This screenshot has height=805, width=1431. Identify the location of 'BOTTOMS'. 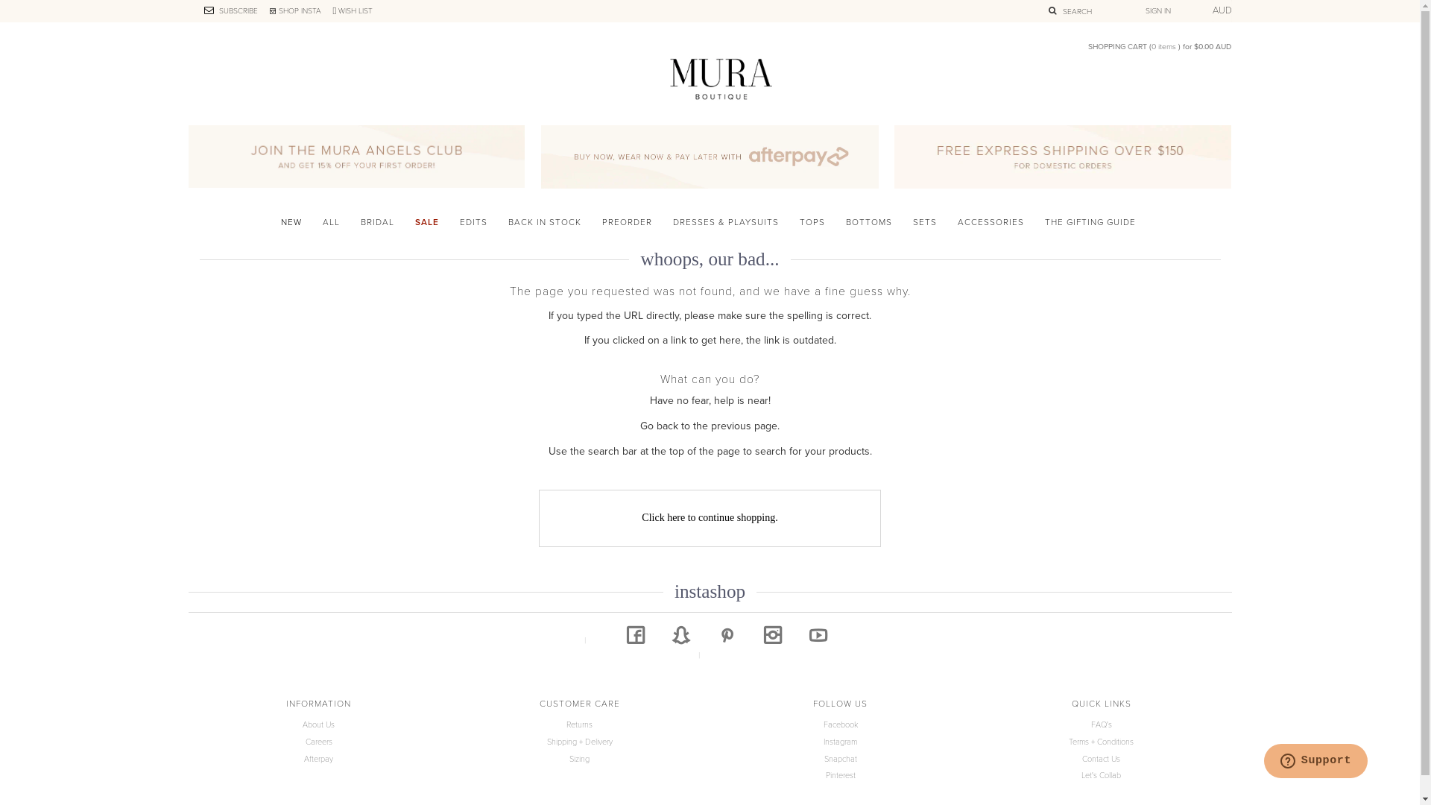
(869, 222).